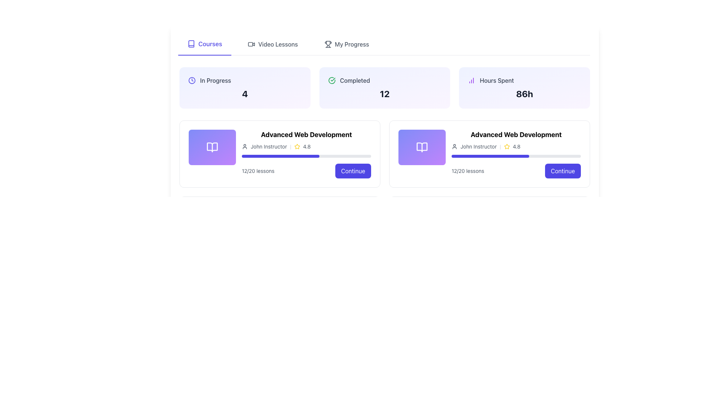 The image size is (709, 399). What do you see at coordinates (245, 88) in the screenshot?
I see `the Summary Box displaying '4 In Progress' tasks, located at the top left corner of the grid of summary boxes in the statistic dashboard` at bounding box center [245, 88].